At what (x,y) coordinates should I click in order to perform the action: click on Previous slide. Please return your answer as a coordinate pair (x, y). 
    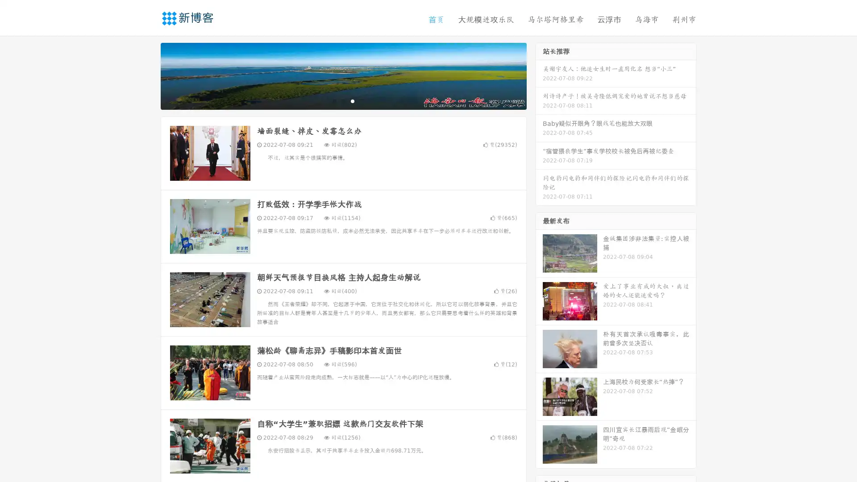
    Looking at the image, I should click on (147, 75).